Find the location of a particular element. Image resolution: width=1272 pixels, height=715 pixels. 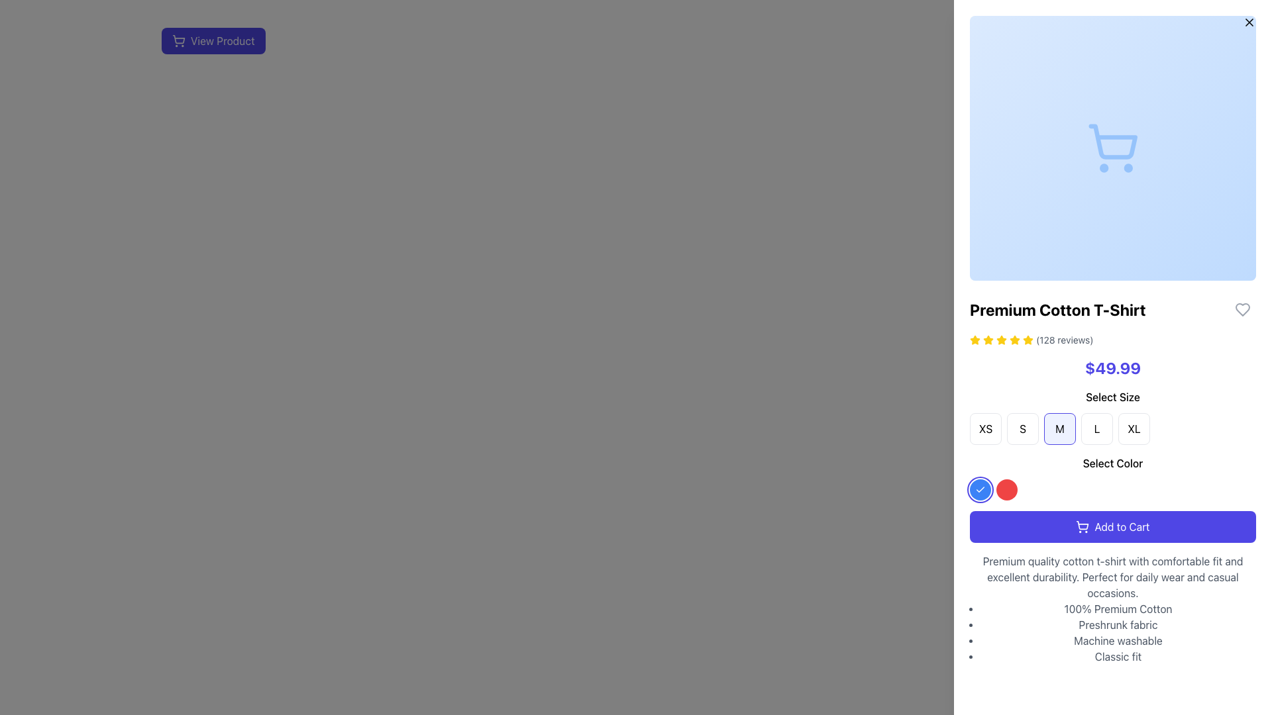

the first yellow star icon in the rating system located in the product details section, which is positioned near the product title and price information is located at coordinates (988, 339).